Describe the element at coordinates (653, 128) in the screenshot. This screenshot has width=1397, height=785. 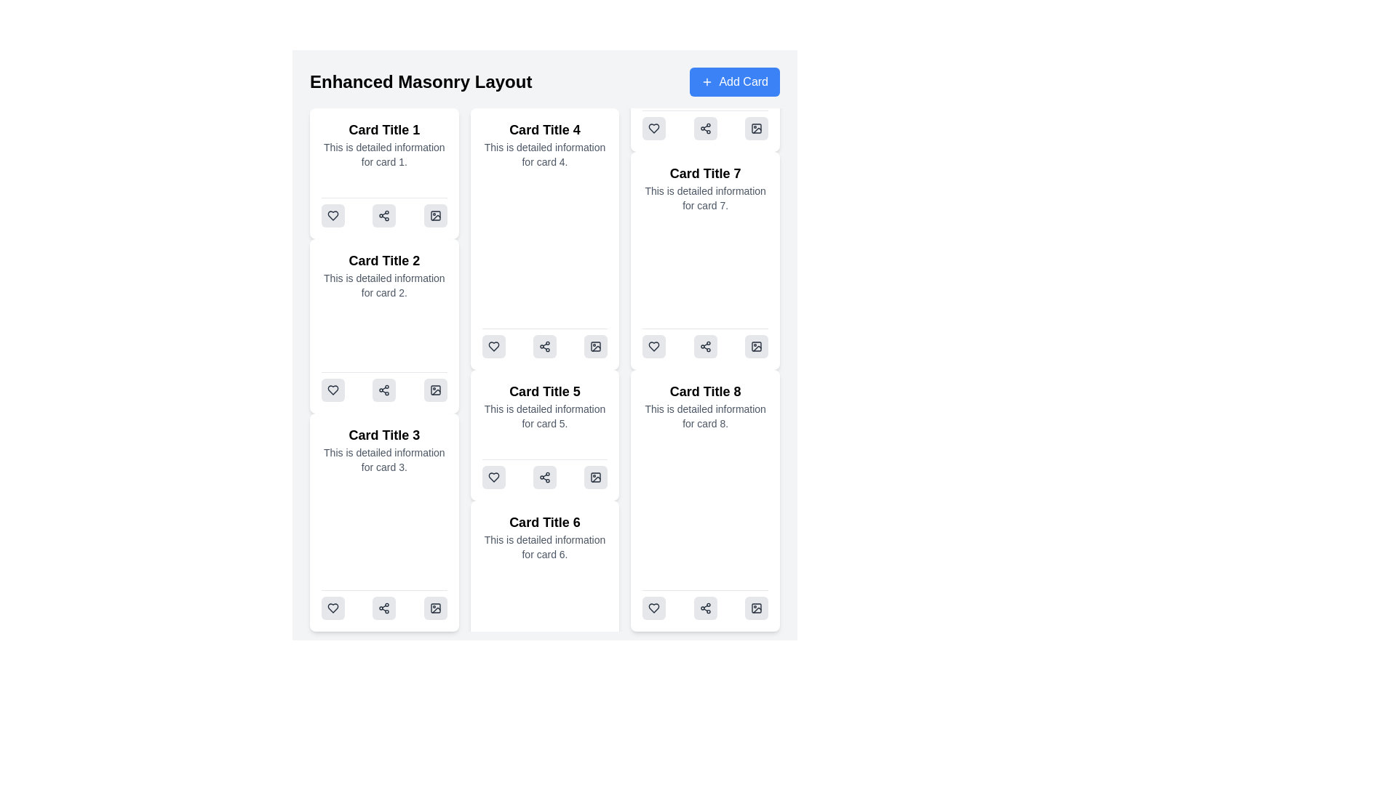
I see `the heart-shaped icon button located in the lower section of 'Card Title 7', which is the leftmost icon in a horizontal sequence of three` at that location.